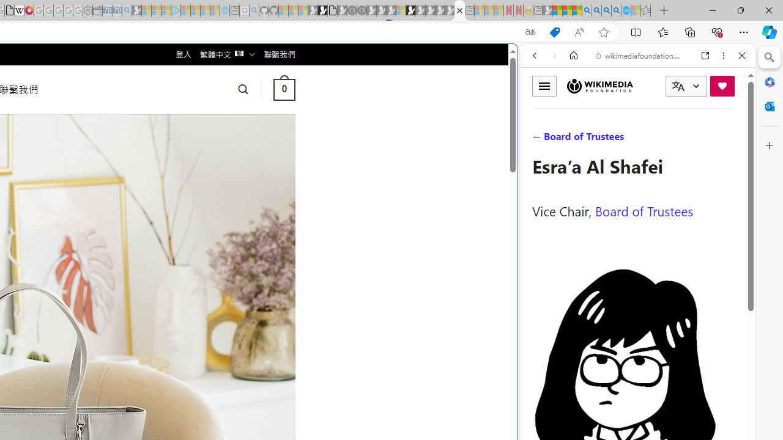 This screenshot has height=440, width=783. Describe the element at coordinates (516, 62) in the screenshot. I see `'Close split screen'` at that location.